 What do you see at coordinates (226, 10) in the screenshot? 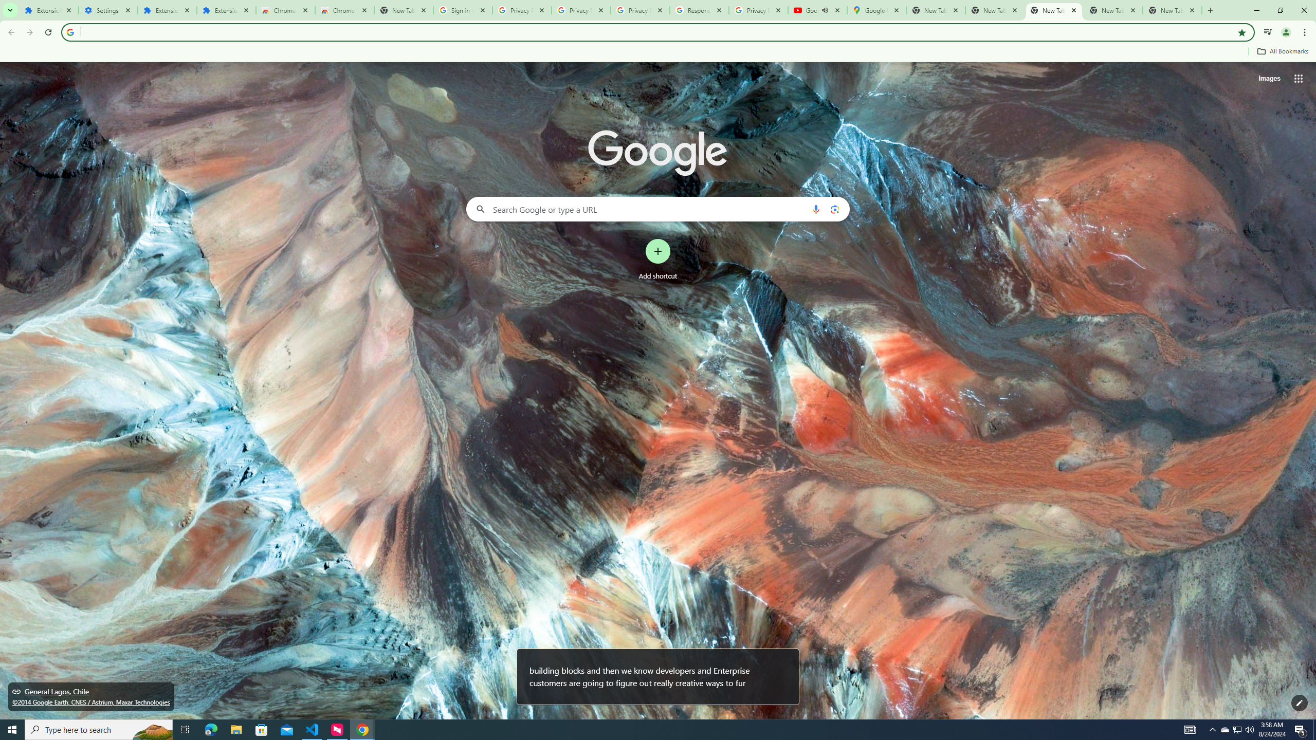
I see `'Extensions'` at bounding box center [226, 10].